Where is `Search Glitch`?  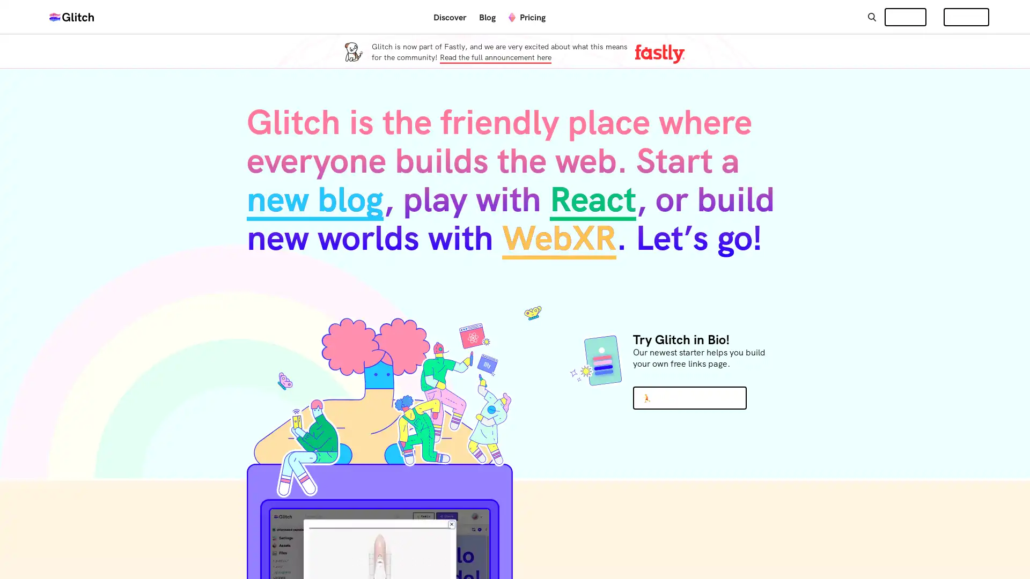 Search Glitch is located at coordinates (871, 16).